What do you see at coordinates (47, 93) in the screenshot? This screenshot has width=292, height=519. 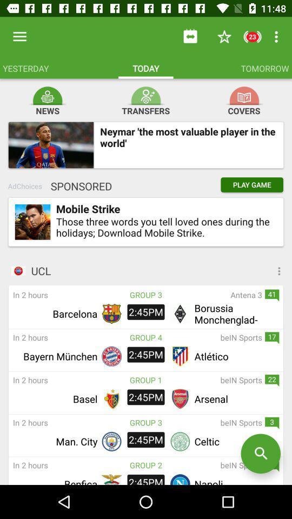 I see `the icon to the left of the transfers item` at bounding box center [47, 93].